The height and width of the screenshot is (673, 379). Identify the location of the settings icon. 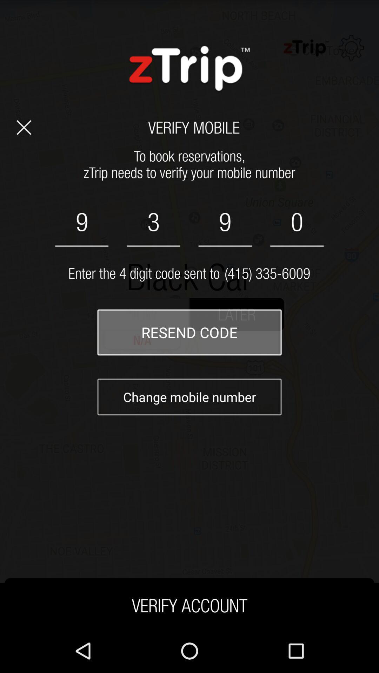
(351, 51).